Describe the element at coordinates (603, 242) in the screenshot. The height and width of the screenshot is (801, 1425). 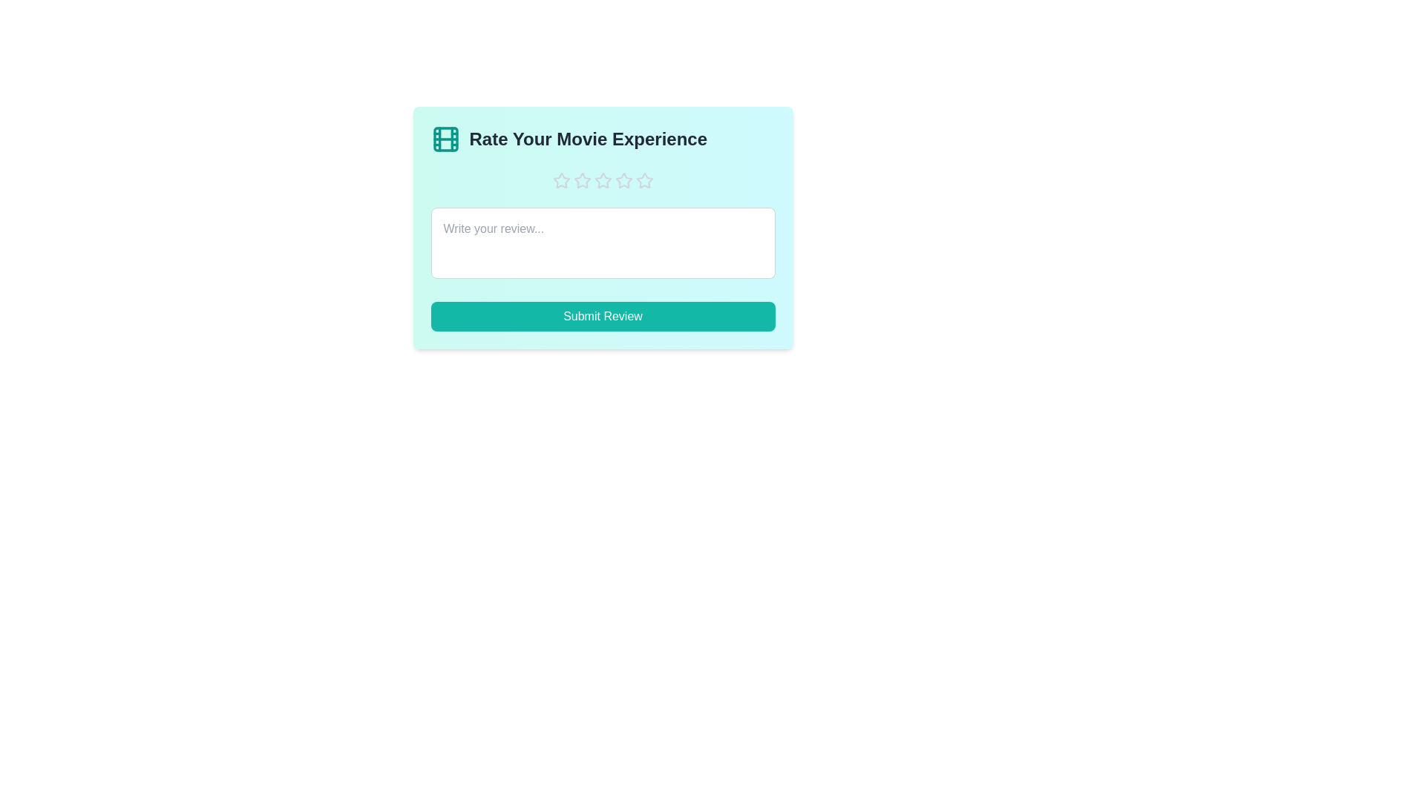
I see `the text area and input the desired review text` at that location.